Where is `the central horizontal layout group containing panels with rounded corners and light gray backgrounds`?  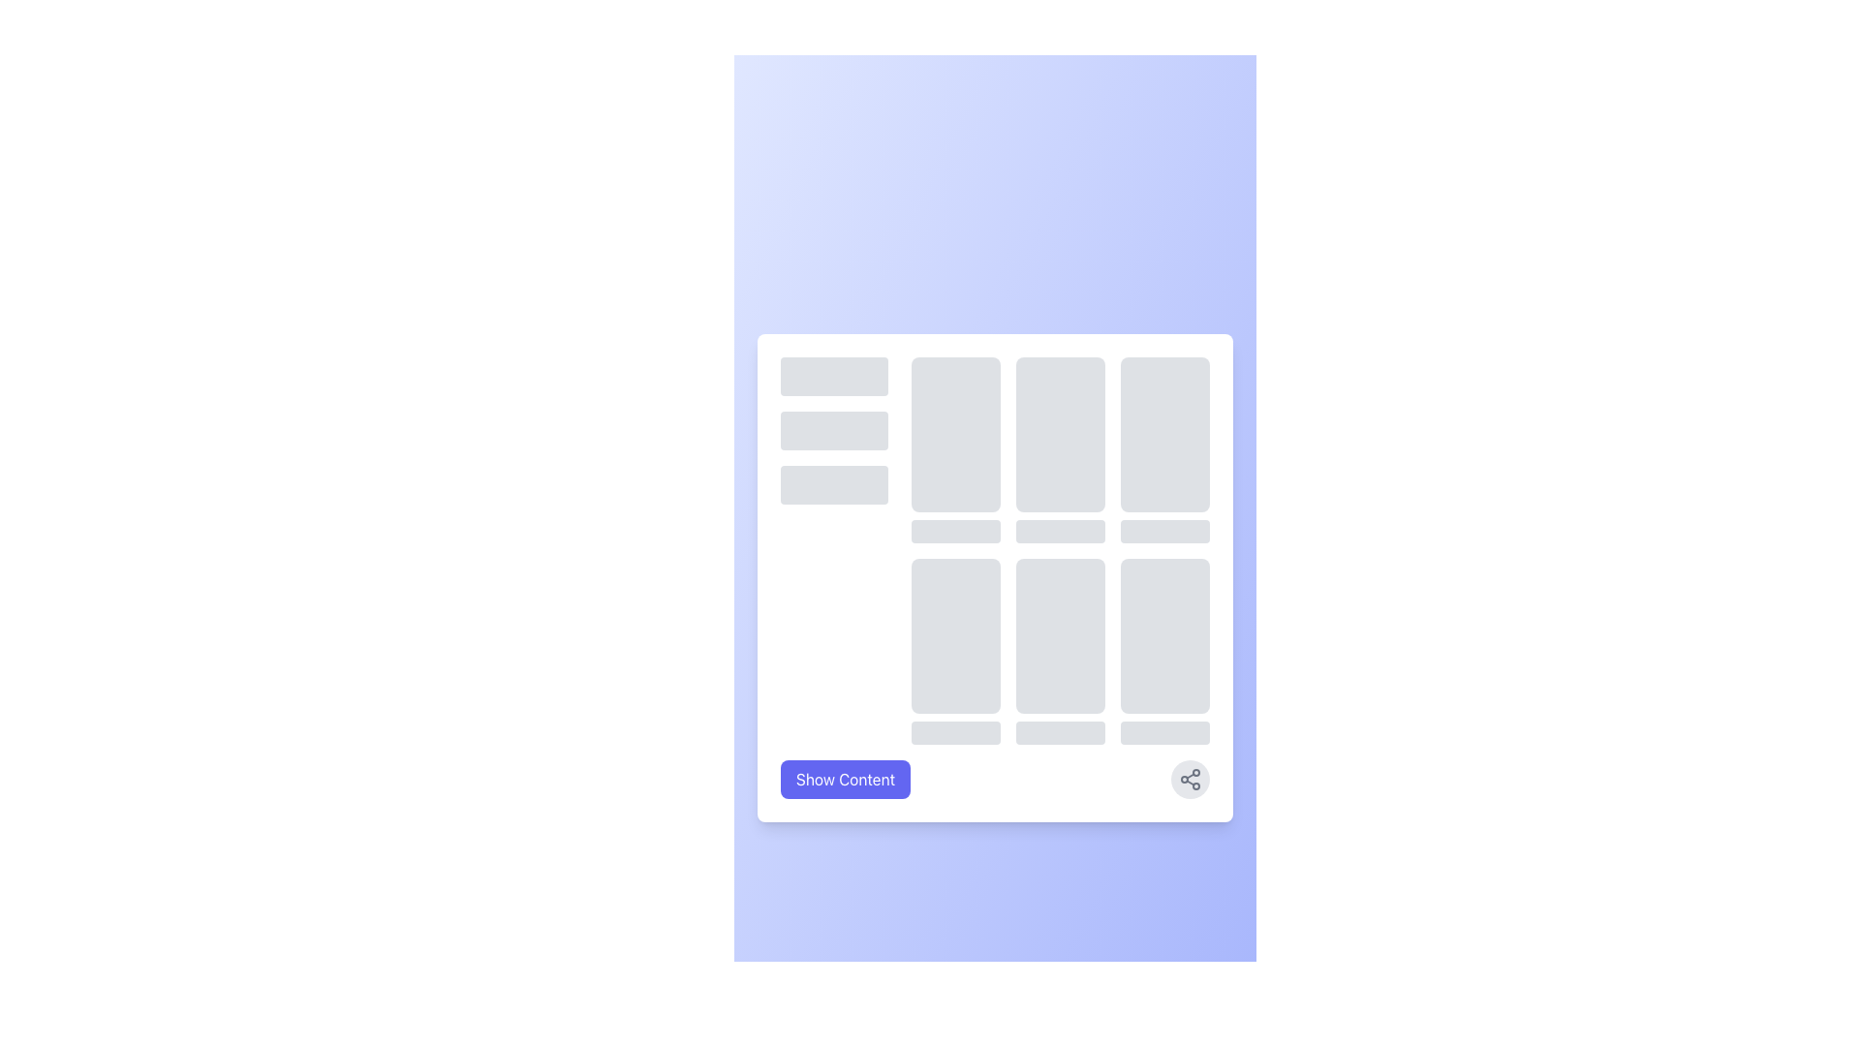
the central horizontal layout group containing panels with rounded corners and light gray backgrounds is located at coordinates (995, 551).